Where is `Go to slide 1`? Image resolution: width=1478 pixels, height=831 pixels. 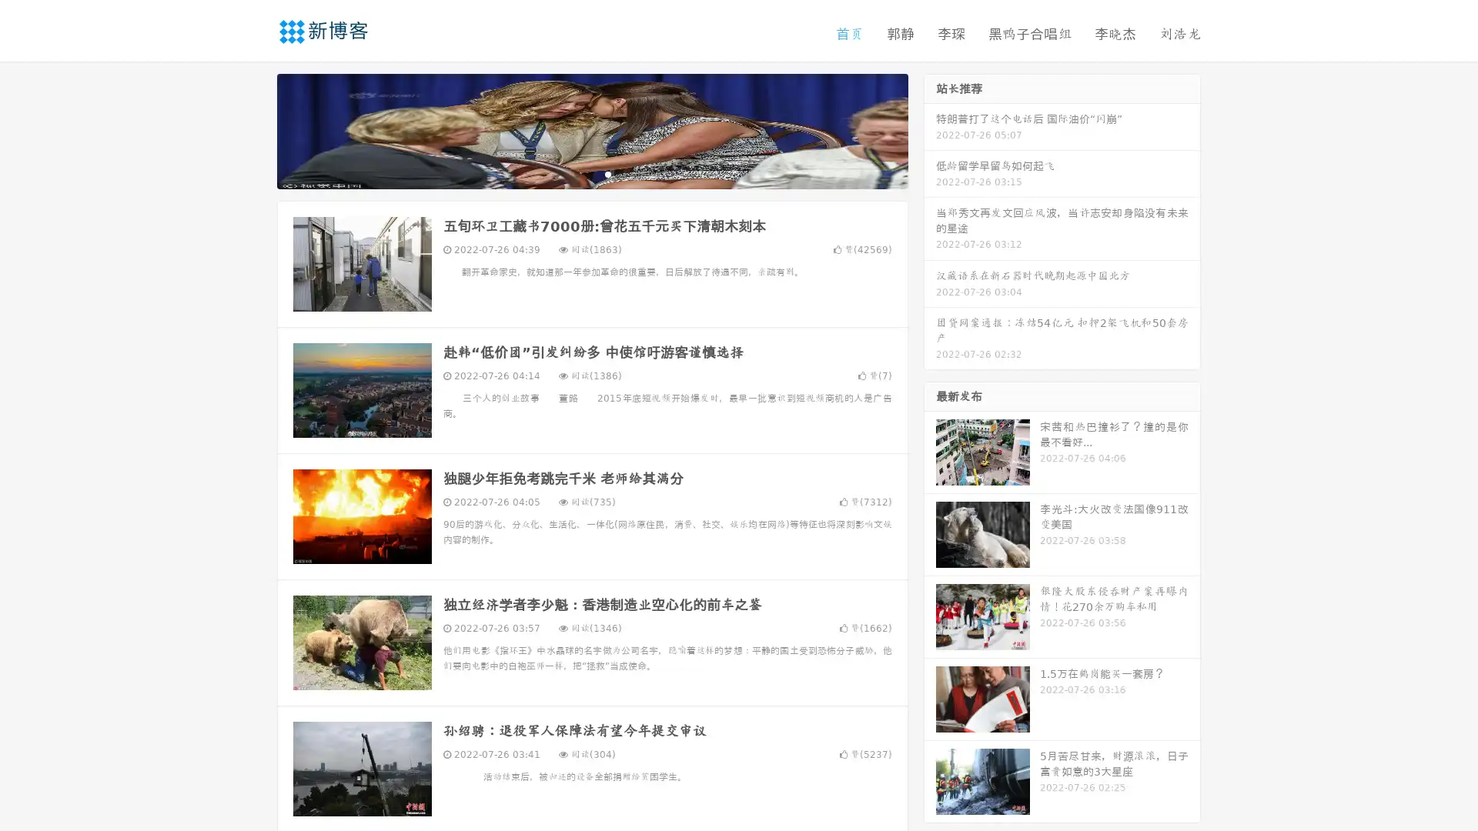 Go to slide 1 is located at coordinates (576, 173).